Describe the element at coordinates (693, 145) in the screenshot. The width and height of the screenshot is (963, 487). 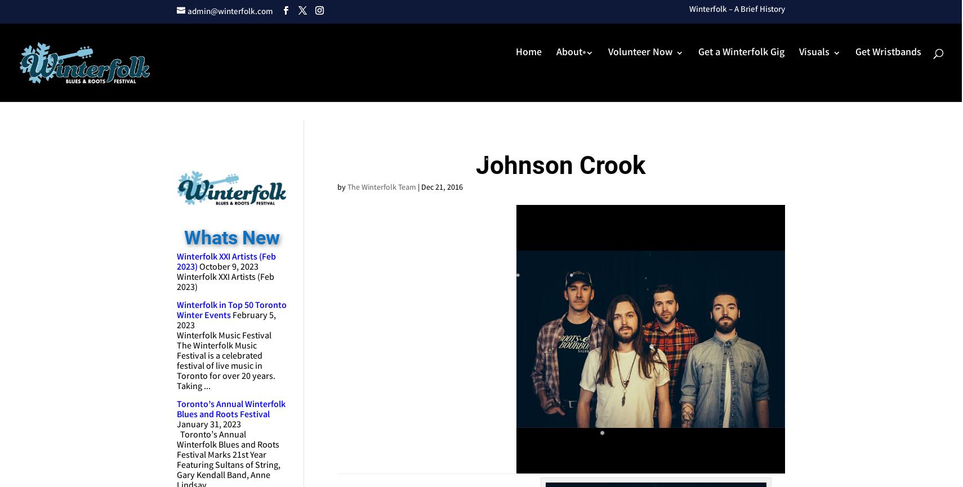
I see `'Winterfolk Volunteer Sign Up'` at that location.